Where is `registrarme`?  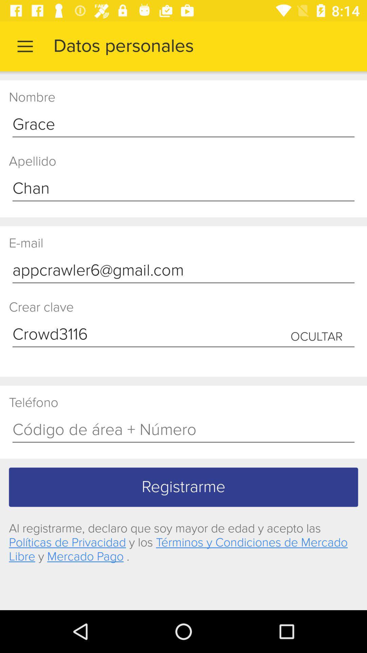 registrarme is located at coordinates (183, 487).